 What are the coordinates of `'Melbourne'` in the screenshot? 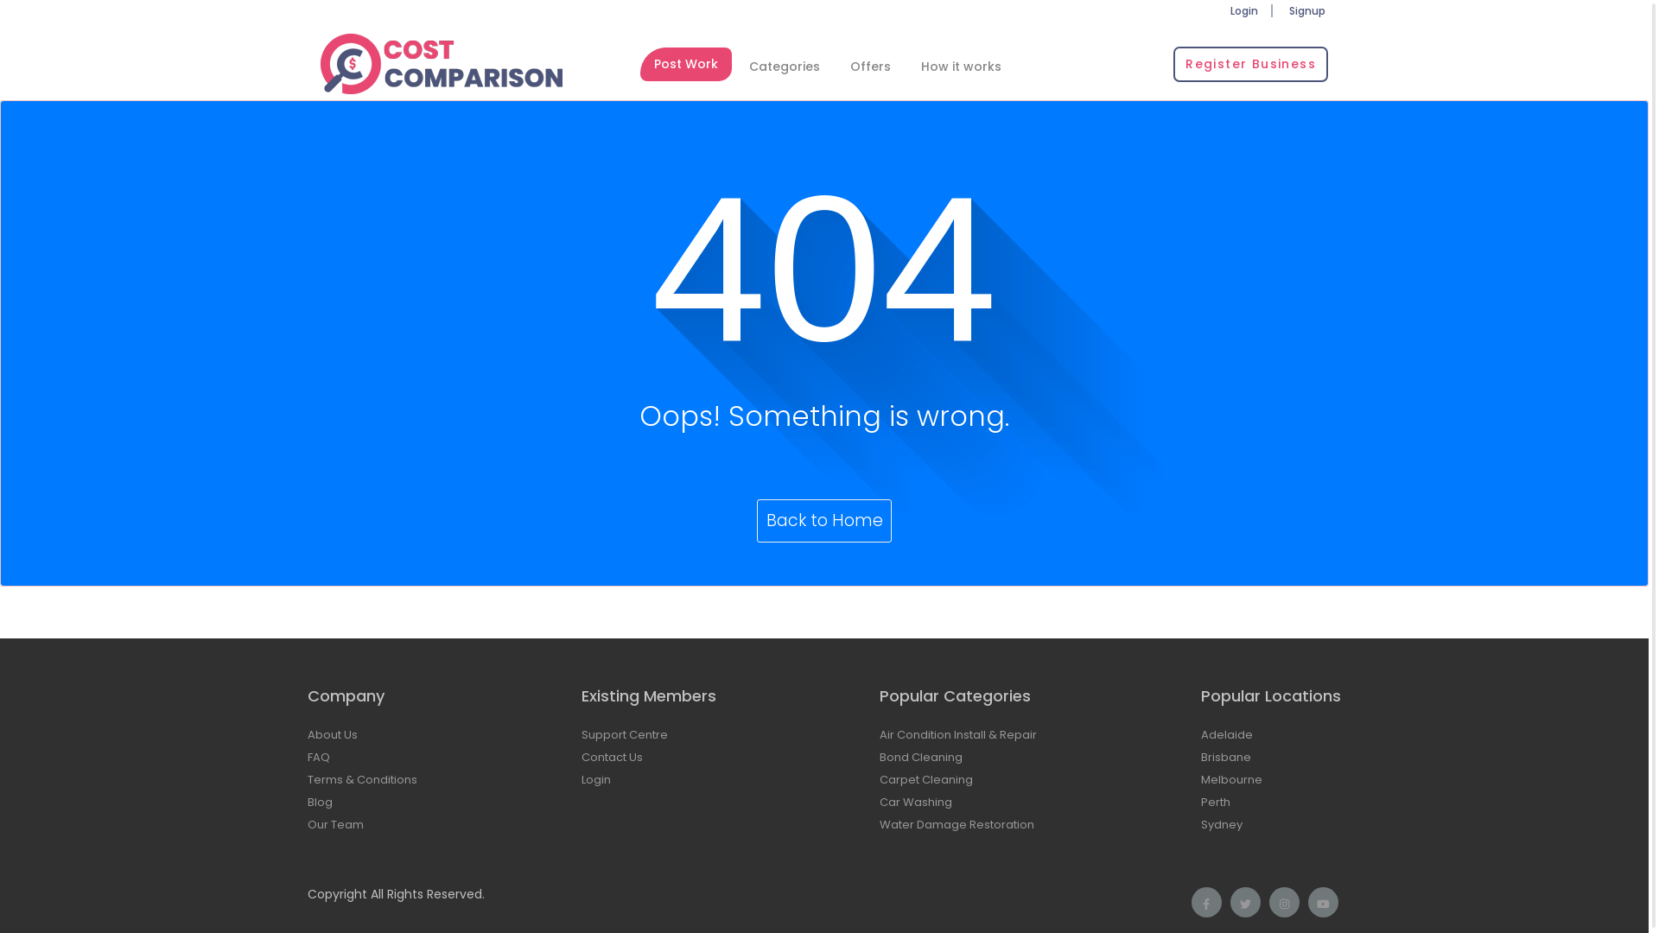 It's located at (1200, 779).